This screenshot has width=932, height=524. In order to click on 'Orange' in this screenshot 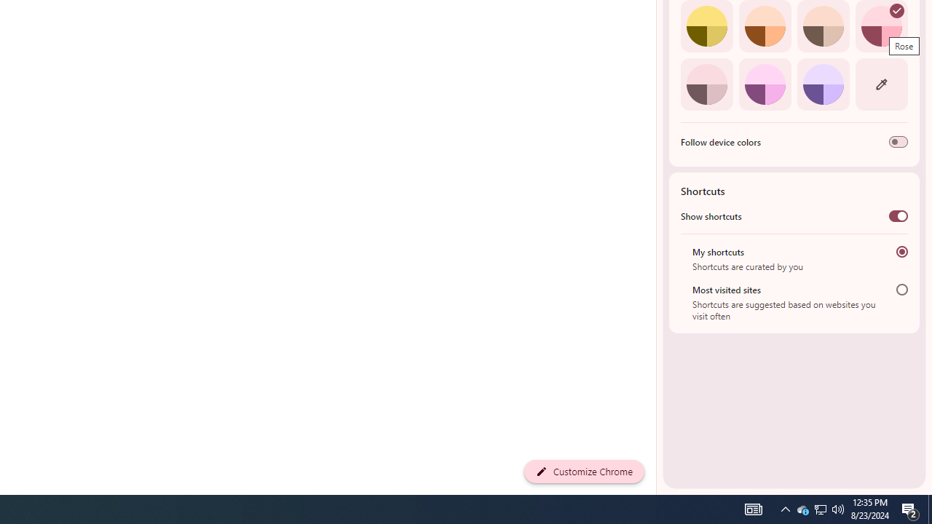, I will do `click(764, 26)`.